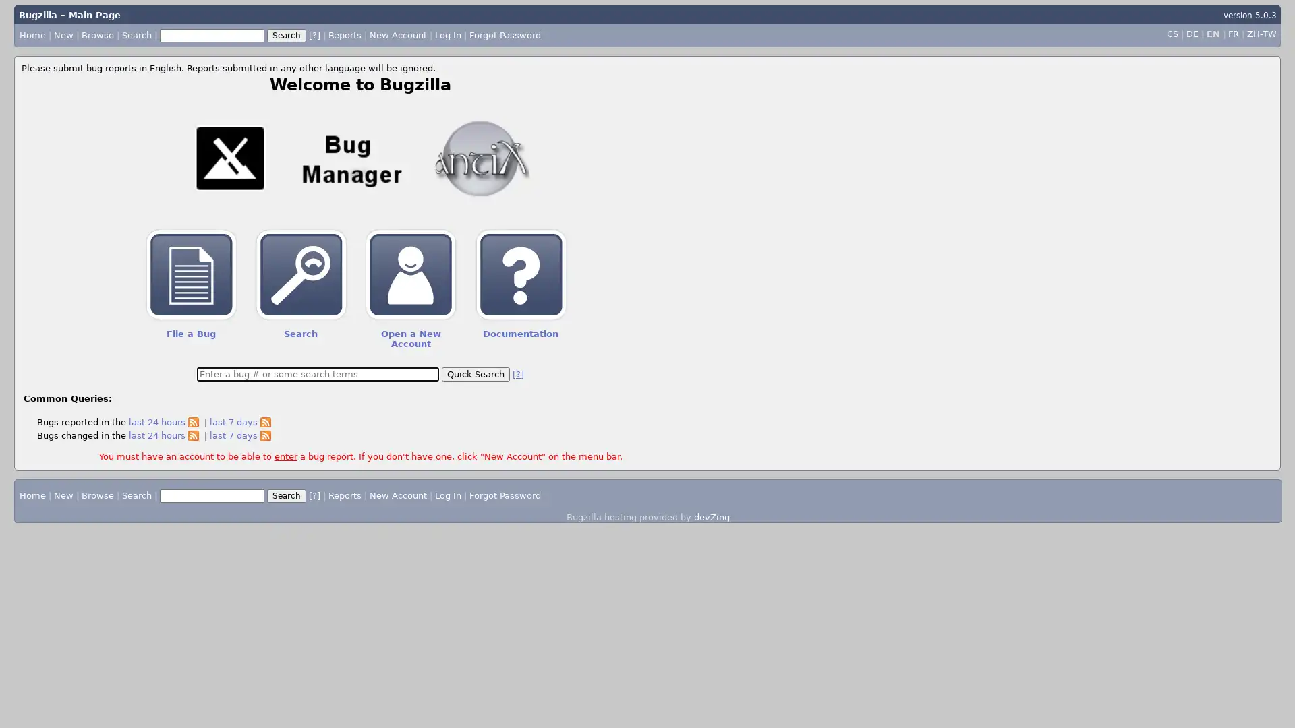 This screenshot has height=728, width=1295. I want to click on Search, so click(285, 34).